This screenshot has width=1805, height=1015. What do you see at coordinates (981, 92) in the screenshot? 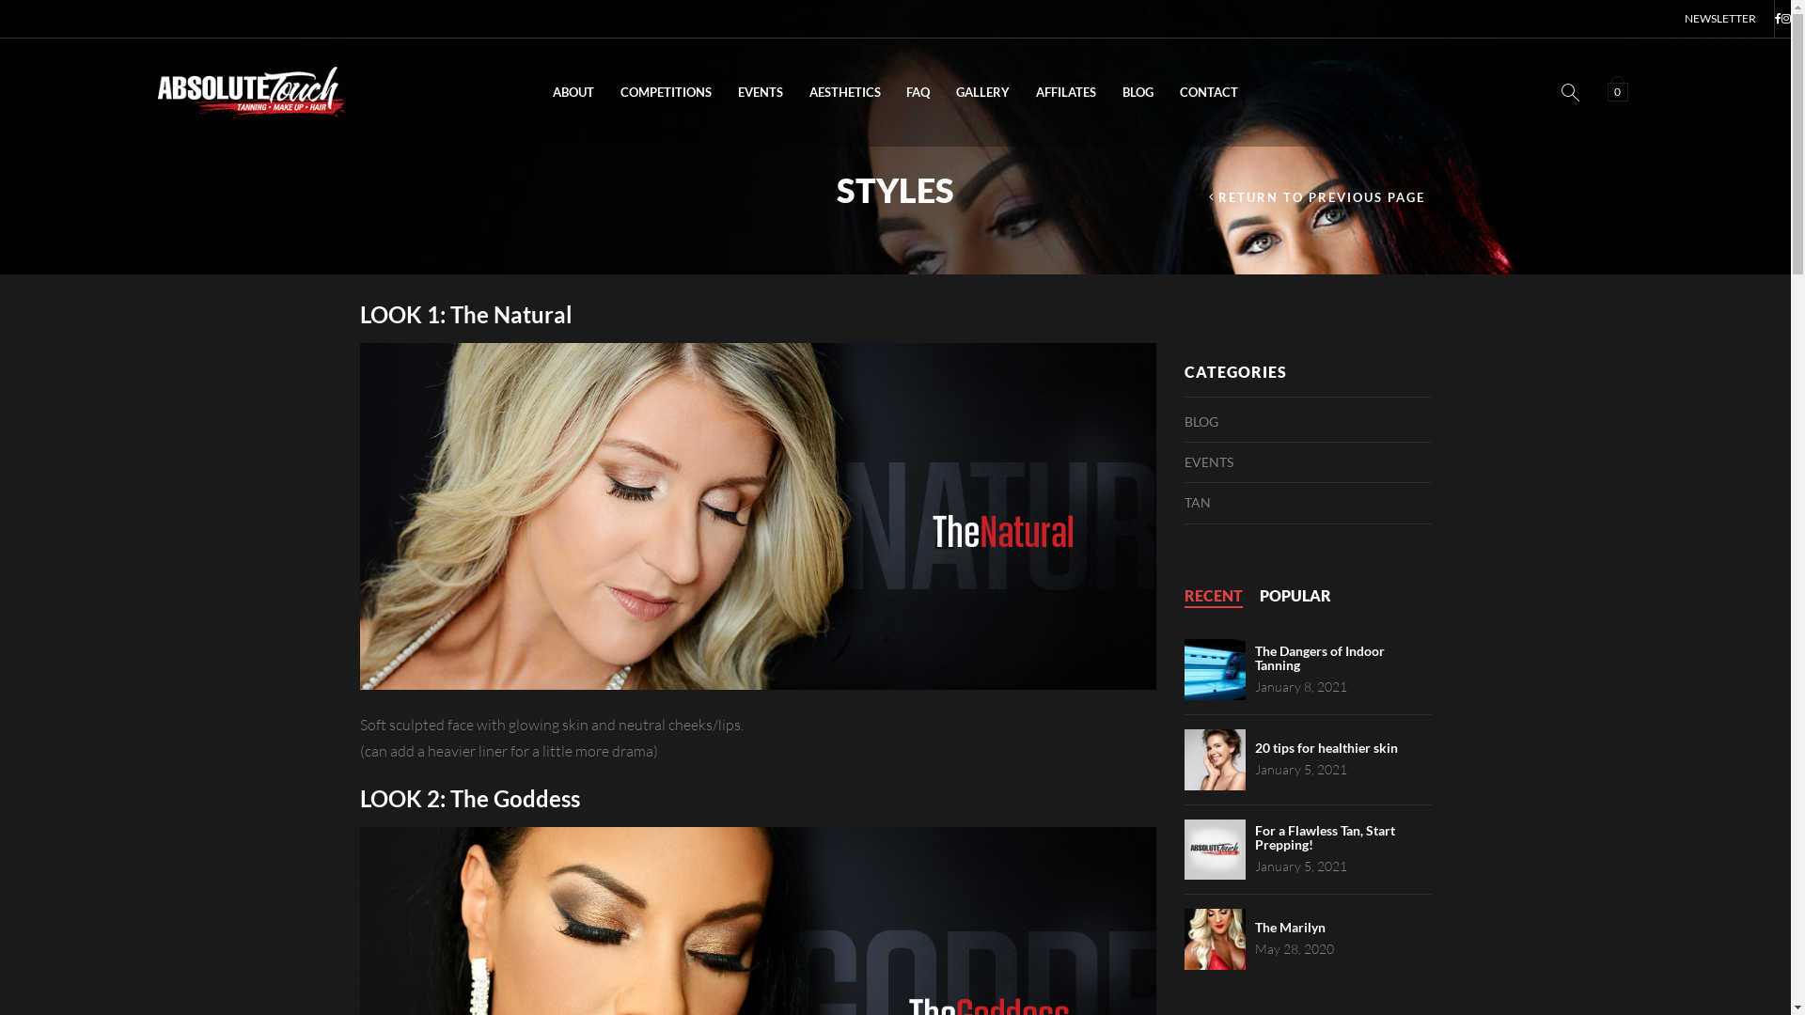
I see `'GALLERY'` at bounding box center [981, 92].